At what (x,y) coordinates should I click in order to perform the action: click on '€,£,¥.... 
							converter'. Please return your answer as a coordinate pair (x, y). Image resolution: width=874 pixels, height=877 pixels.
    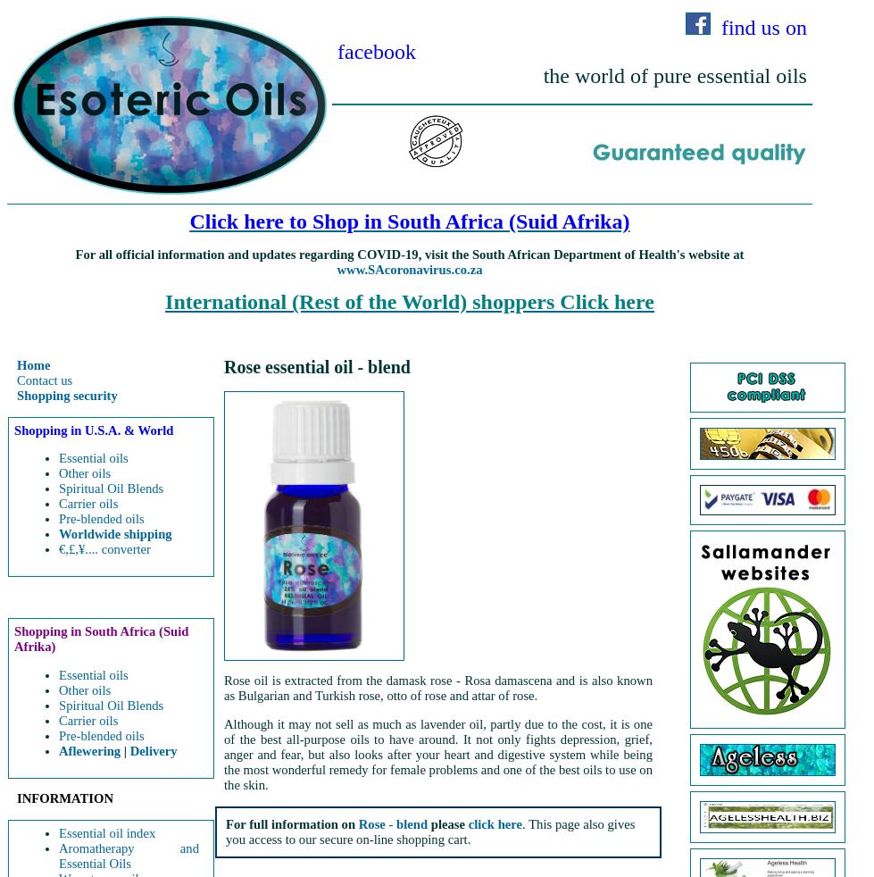
    Looking at the image, I should click on (58, 548).